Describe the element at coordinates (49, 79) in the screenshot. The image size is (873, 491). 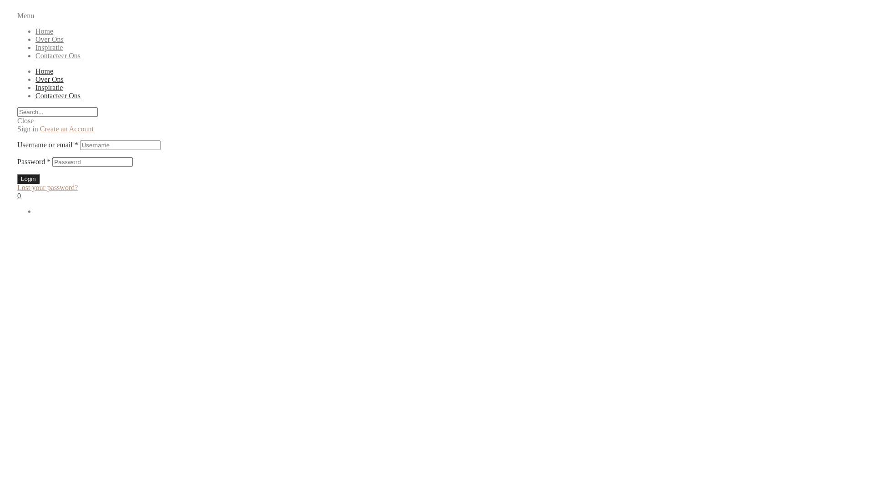
I see `'Over Ons'` at that location.